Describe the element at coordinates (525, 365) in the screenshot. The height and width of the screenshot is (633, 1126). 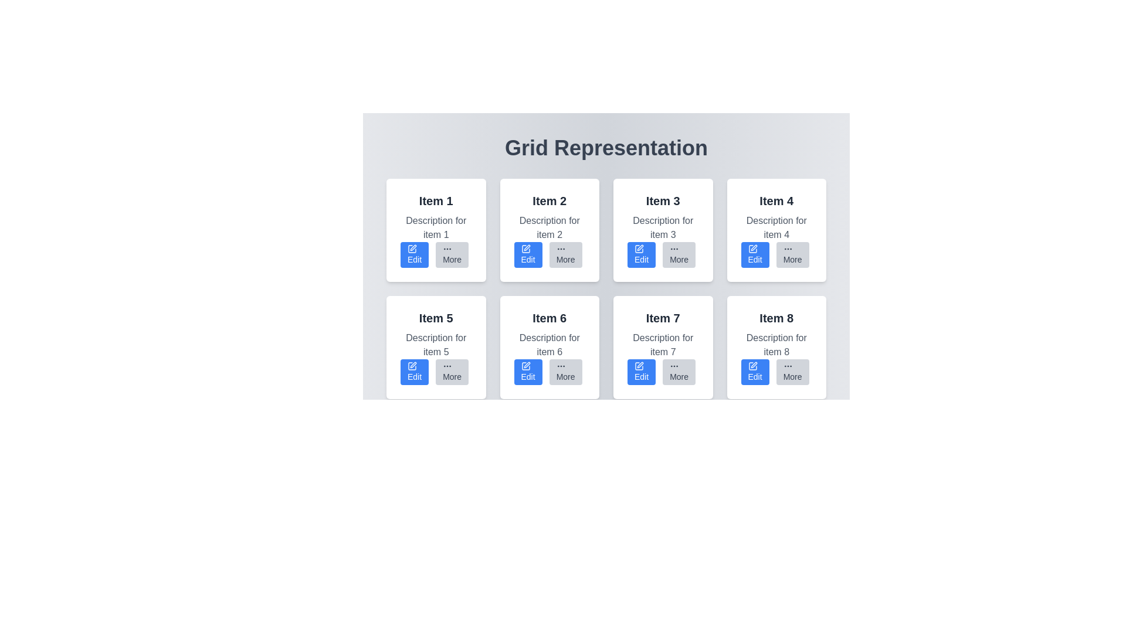
I see `the 'Edit' button associated with 'Item 6' in the grid layout` at that location.